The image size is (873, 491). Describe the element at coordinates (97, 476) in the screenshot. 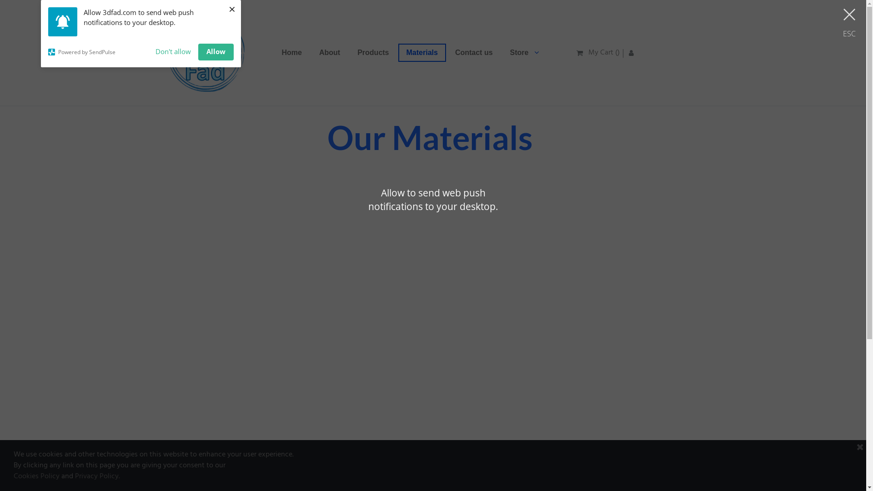

I see `'Privacy Policy.'` at that location.